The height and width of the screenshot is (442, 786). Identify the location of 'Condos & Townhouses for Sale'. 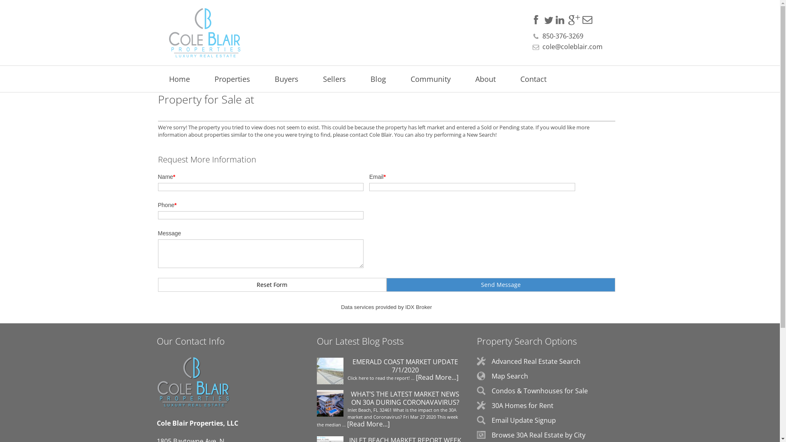
(491, 390).